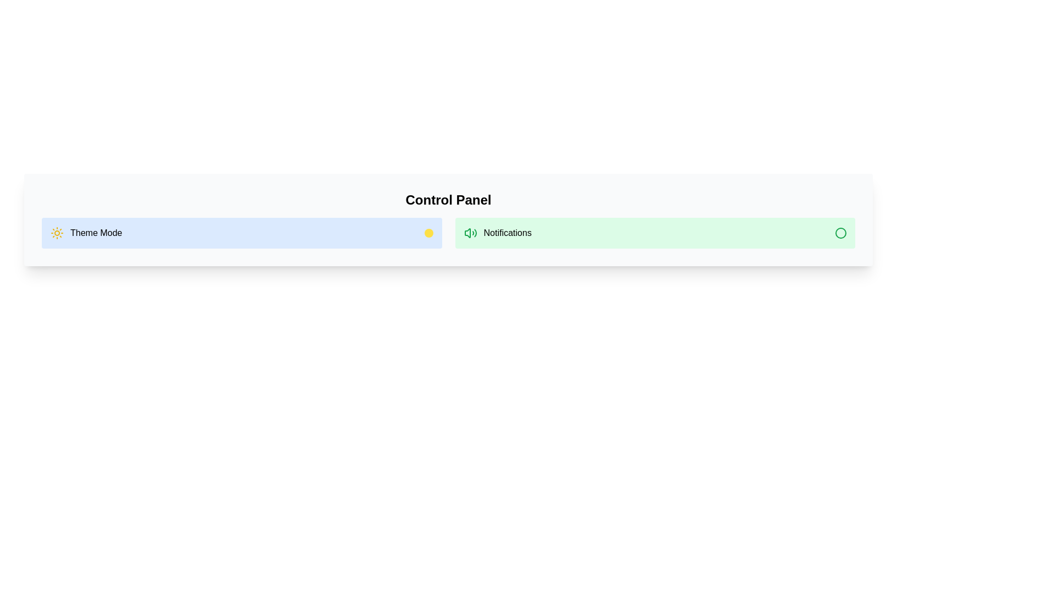 This screenshot has height=594, width=1056. What do you see at coordinates (470, 233) in the screenshot?
I see `the green volume icon located to the left of the 'Notifications' text label in the notification control module` at bounding box center [470, 233].